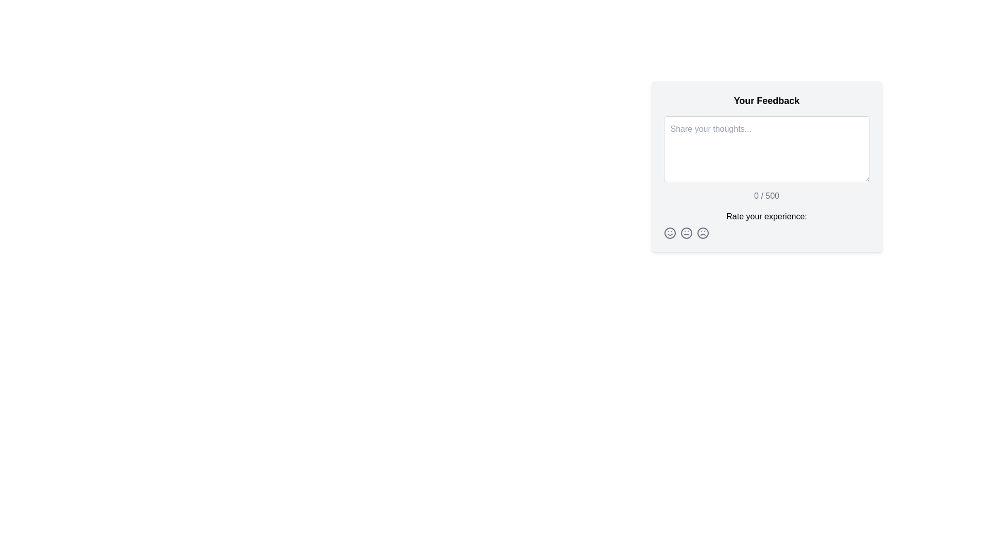 The height and width of the screenshot is (556, 989). Describe the element at coordinates (766, 101) in the screenshot. I see `title 'Your Feedback' which is a bold, medium-large header text positioned at the top of the feedback area in the feedback form` at that location.